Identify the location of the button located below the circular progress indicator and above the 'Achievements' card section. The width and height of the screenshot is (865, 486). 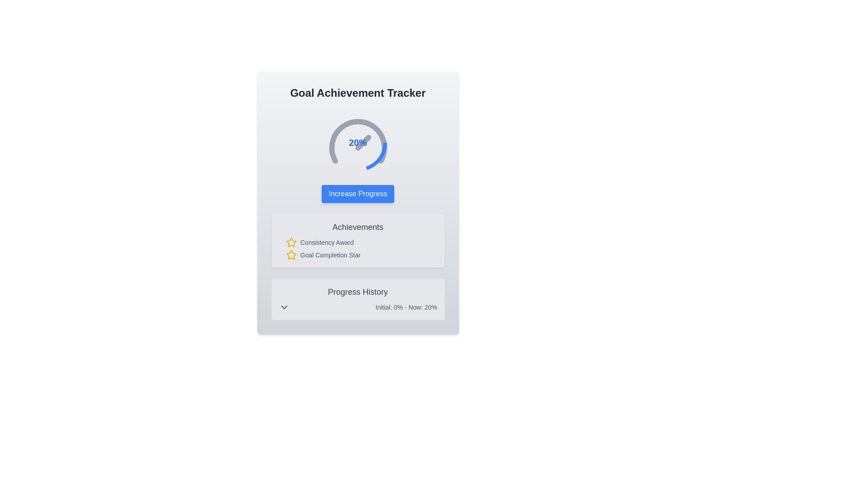
(357, 193).